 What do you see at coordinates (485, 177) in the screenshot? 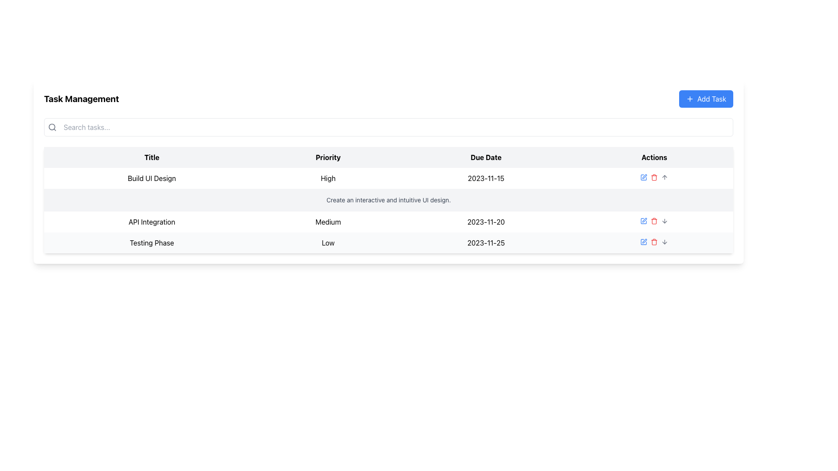
I see `the Text Label indicating the due date for the task 'Build UI Design', located in the third cell of the row labeled 'Build UI Design' under the 'Due Date' column` at bounding box center [485, 177].